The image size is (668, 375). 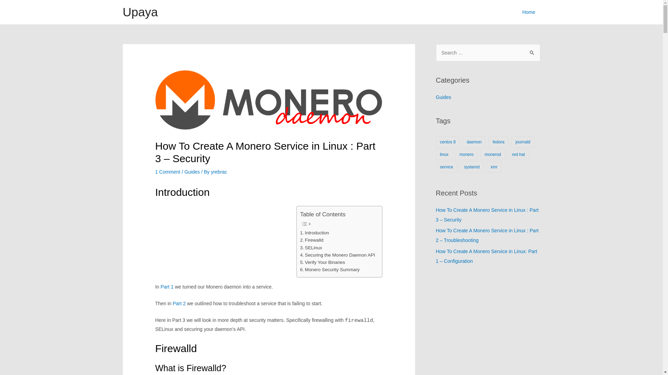 What do you see at coordinates (508, 154) in the screenshot?
I see `'red hat'` at bounding box center [508, 154].